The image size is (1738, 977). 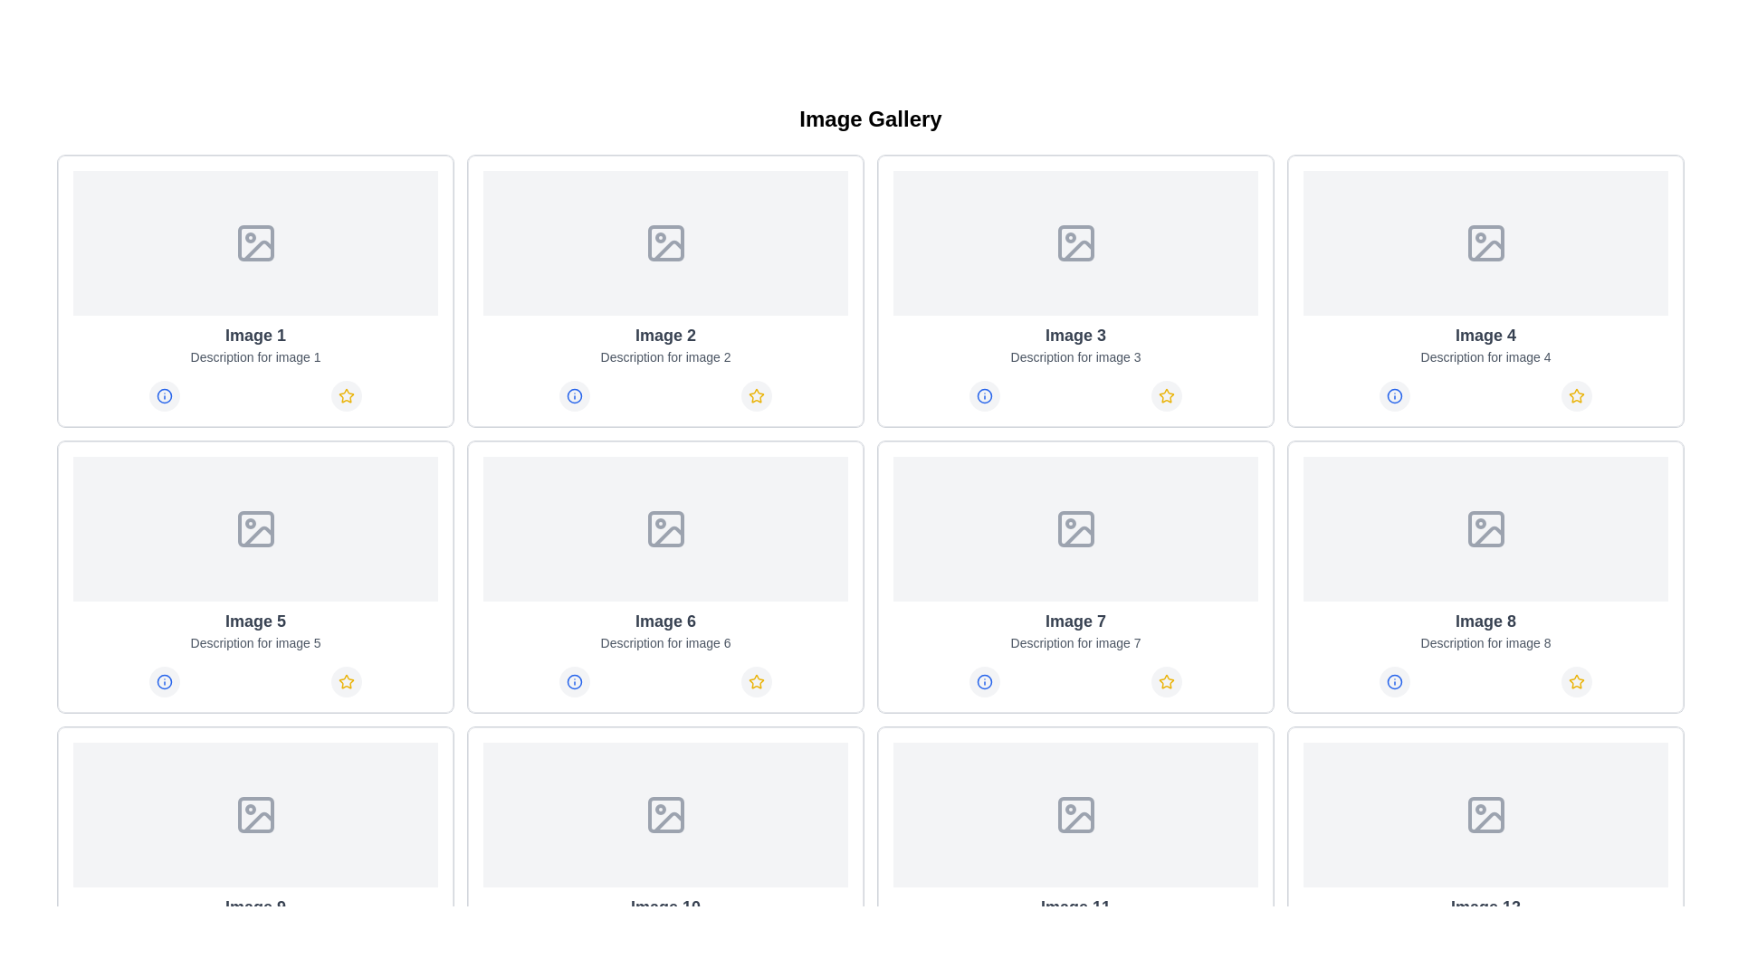 What do you see at coordinates (1576, 680) in the screenshot?
I see `the yellow star icon button located in the bottom right corner of the card for 'Image 8' to mark the item as a favorite` at bounding box center [1576, 680].